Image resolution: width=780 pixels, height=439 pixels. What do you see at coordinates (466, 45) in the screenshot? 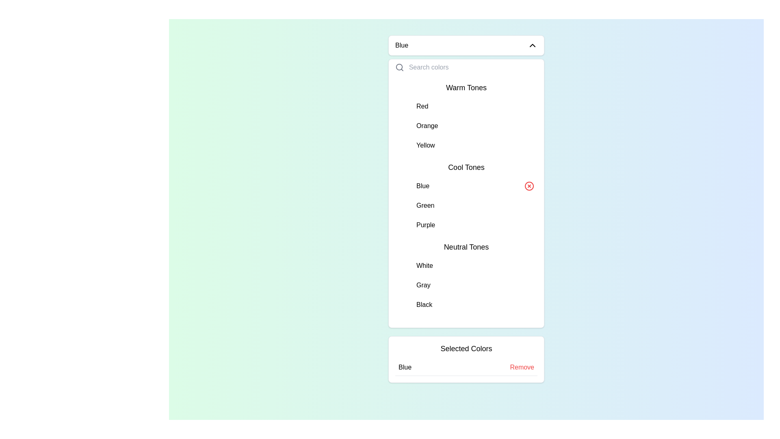
I see `the Dropdown toggle button labeled 'Blue' at the top of the dropdown menu for keyboard interaction` at bounding box center [466, 45].